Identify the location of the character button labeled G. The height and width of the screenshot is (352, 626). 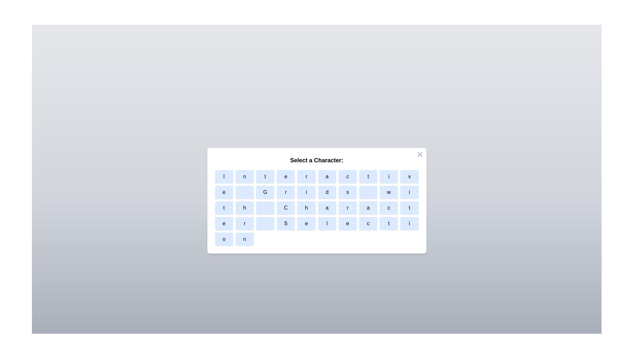
(265, 192).